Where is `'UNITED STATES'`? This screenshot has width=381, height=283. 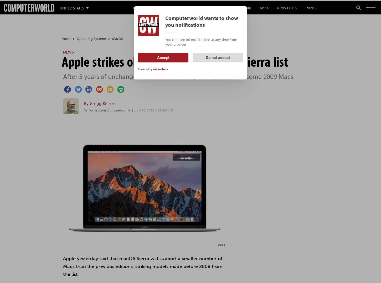 'UNITED STATES' is located at coordinates (59, 8).